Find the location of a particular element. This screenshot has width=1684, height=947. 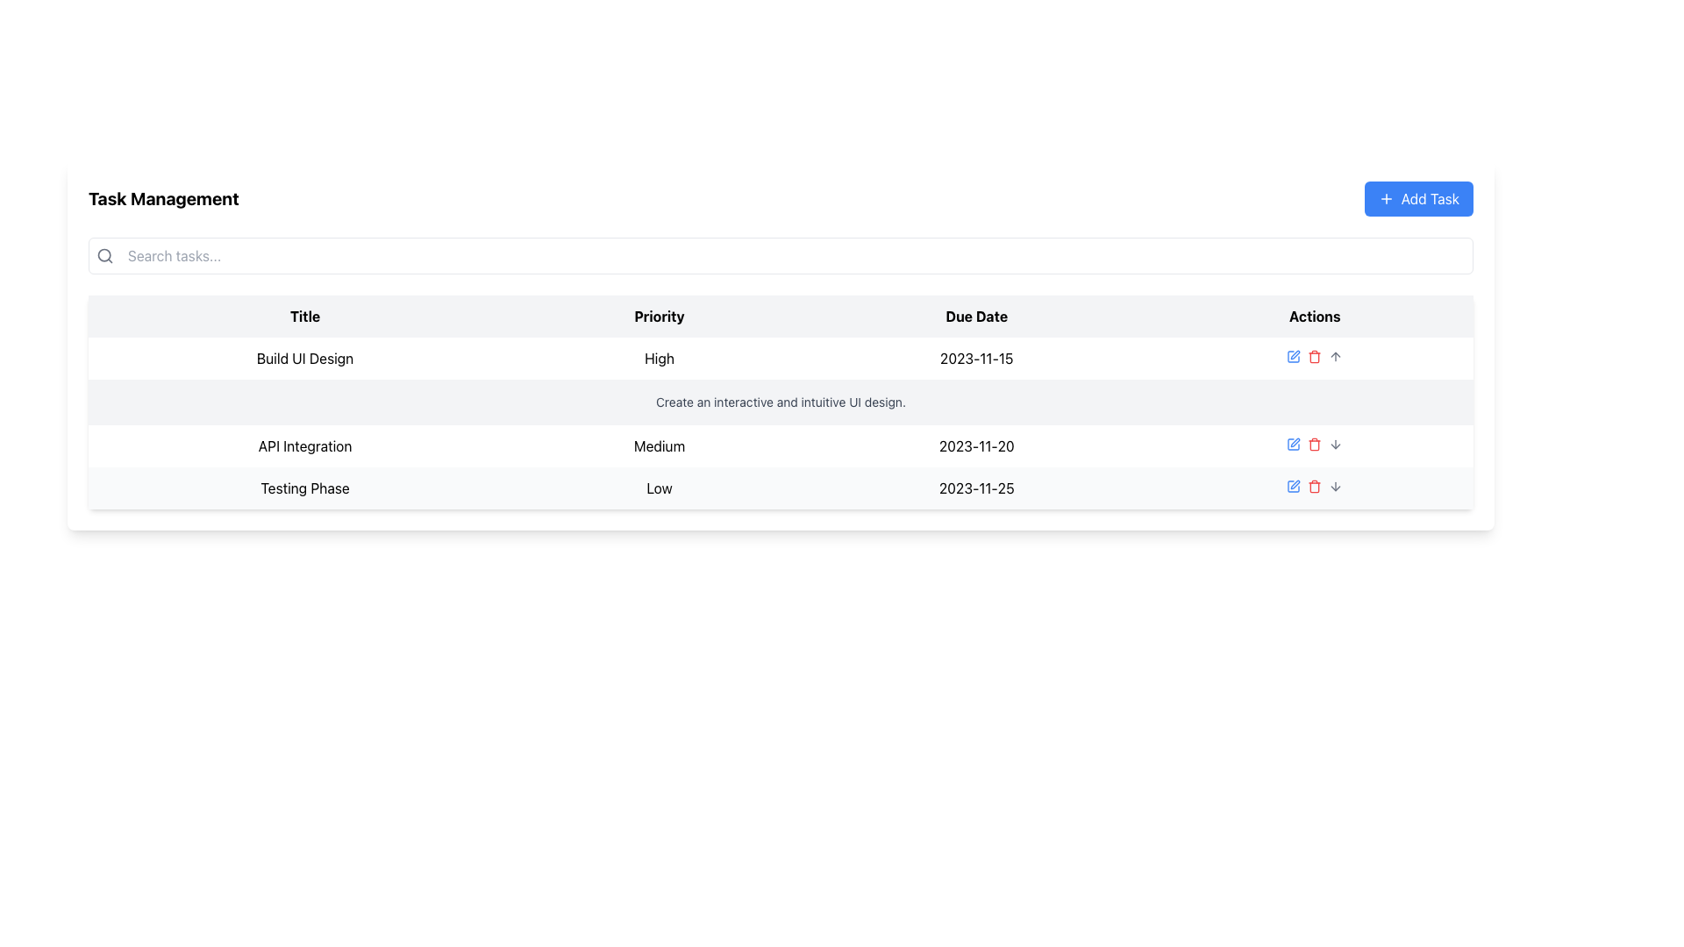

the graphic circle icon located within the magnifying glass icon, which represents the search function in the search bar area is located at coordinates (103, 255).